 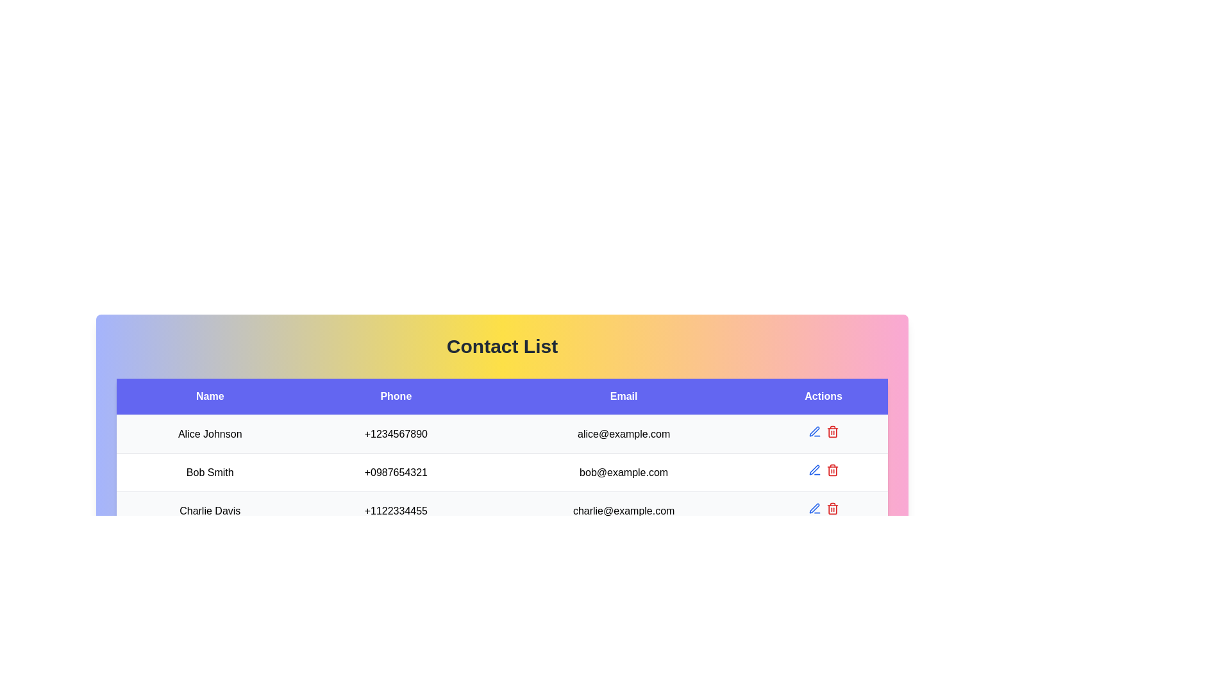 I want to click on the text element displaying 'Charlie Davis' in bold font, located in the first column of the third row under the header 'Name', so click(x=210, y=510).